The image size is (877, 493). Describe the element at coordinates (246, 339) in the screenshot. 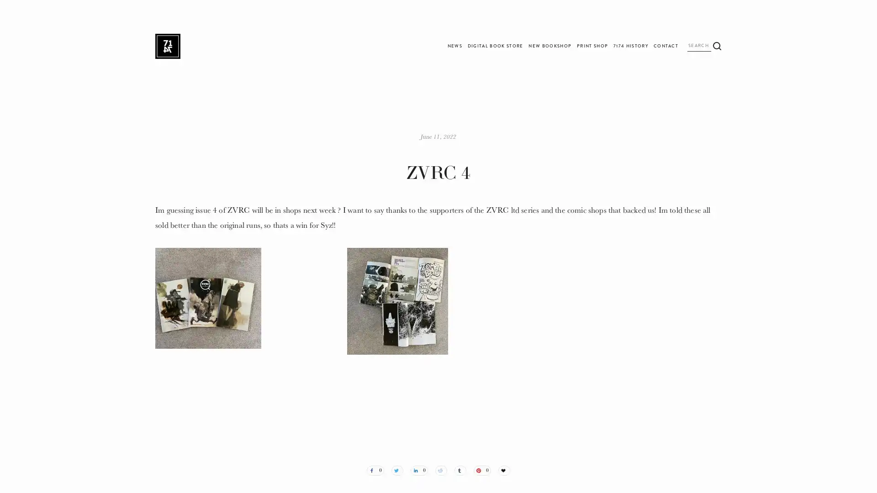

I see `View fullsize zvrc4.jpg` at that location.